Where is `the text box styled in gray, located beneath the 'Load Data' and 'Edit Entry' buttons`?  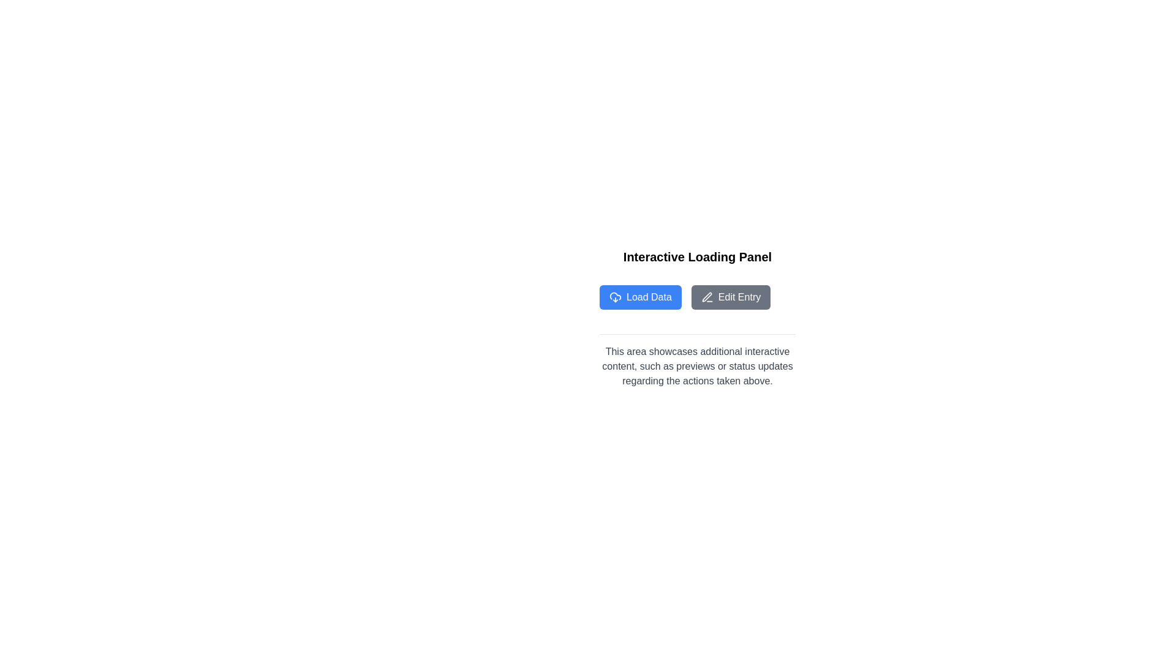 the text box styled in gray, located beneath the 'Load Data' and 'Edit Entry' buttons is located at coordinates (697, 360).